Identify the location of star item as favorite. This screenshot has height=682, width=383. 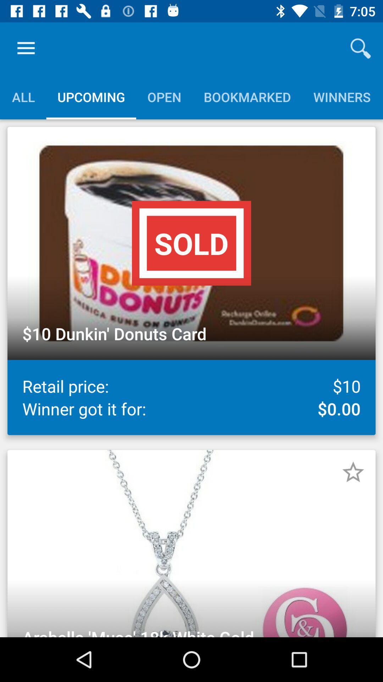
(353, 472).